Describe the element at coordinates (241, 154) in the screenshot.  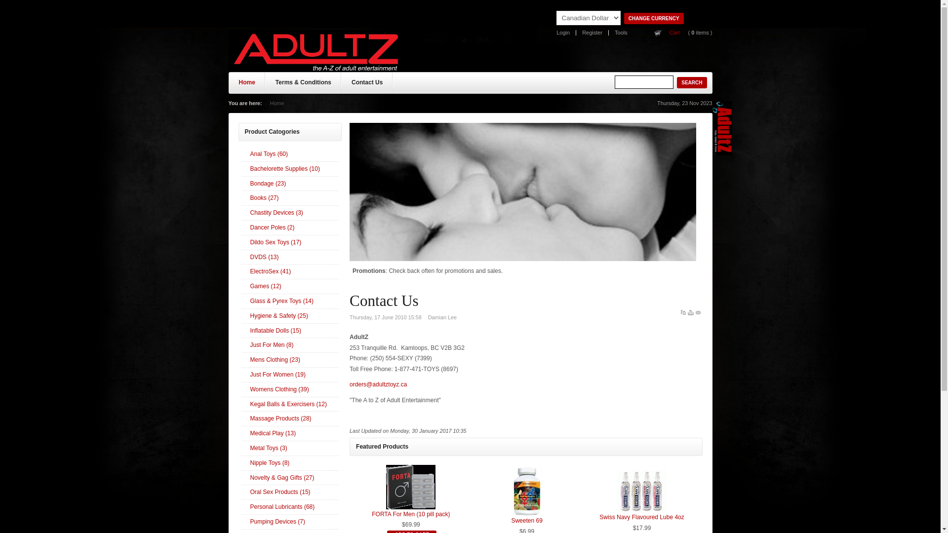
I see `'Anal Toys (60)'` at that location.